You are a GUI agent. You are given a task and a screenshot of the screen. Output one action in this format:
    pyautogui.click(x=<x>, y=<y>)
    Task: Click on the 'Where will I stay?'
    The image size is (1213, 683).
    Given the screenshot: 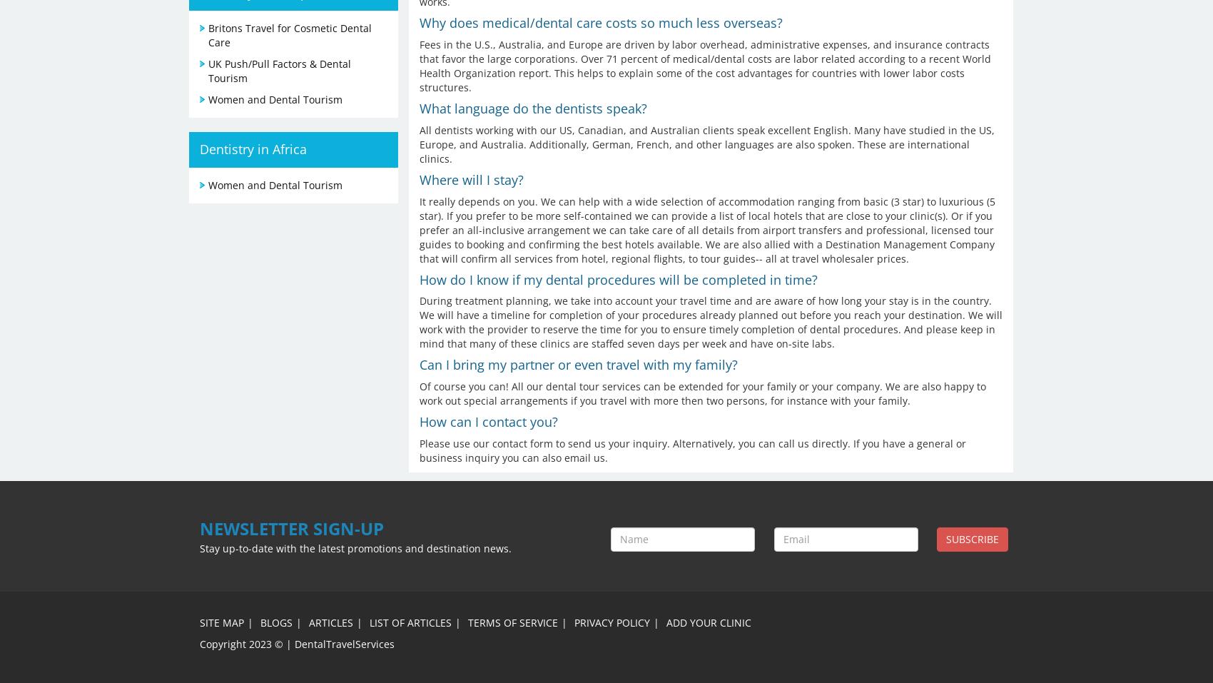 What is the action you would take?
    pyautogui.click(x=470, y=178)
    